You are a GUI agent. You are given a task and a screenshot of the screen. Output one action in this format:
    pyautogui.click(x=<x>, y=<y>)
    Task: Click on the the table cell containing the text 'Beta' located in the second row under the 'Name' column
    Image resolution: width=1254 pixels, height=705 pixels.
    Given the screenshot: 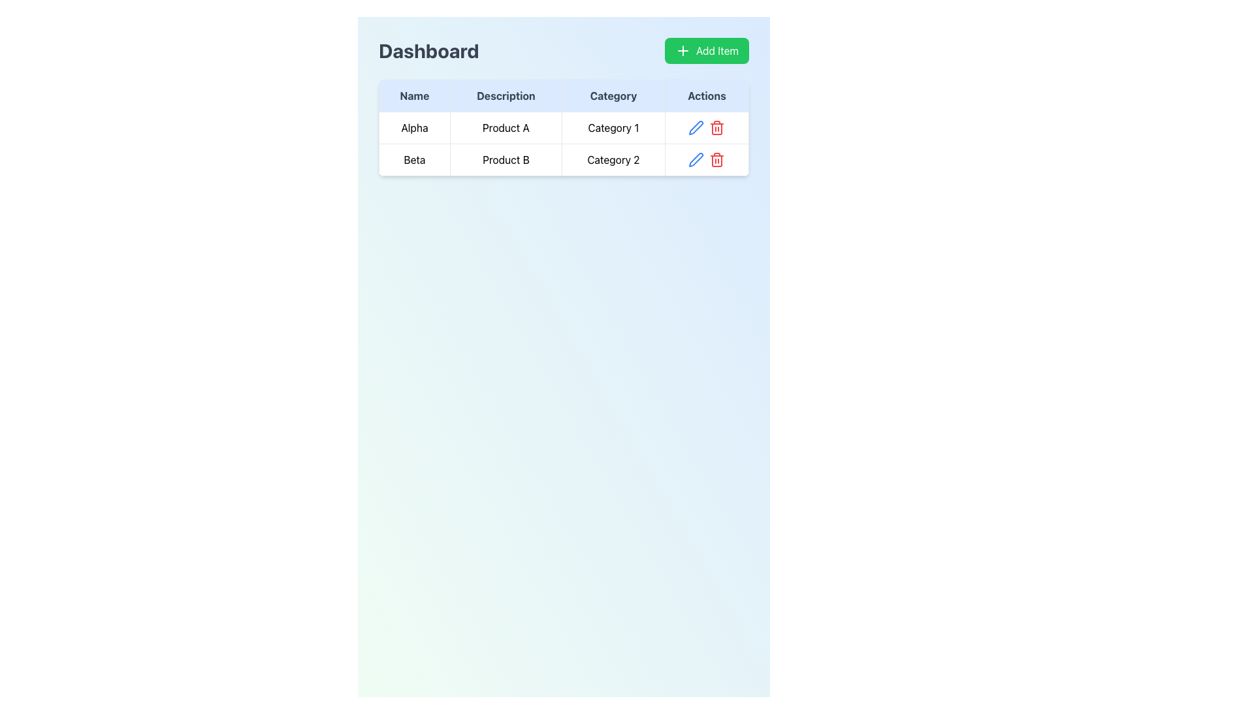 What is the action you would take?
    pyautogui.click(x=413, y=159)
    